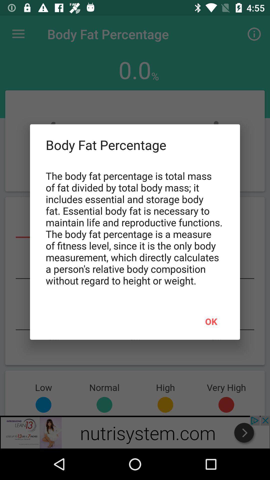 This screenshot has width=270, height=480. I want to click on ok item, so click(211, 321).